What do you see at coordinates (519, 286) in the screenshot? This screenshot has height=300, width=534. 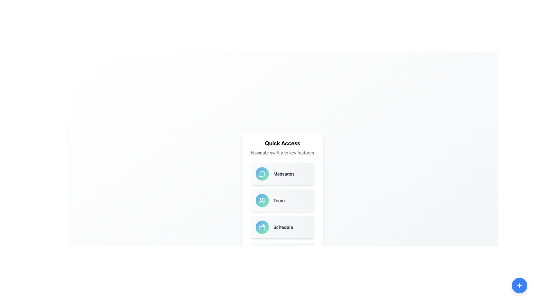 I see `the circular blue button with a white cross icon located in the bottom-right corner of the interface for repositioning` at bounding box center [519, 286].